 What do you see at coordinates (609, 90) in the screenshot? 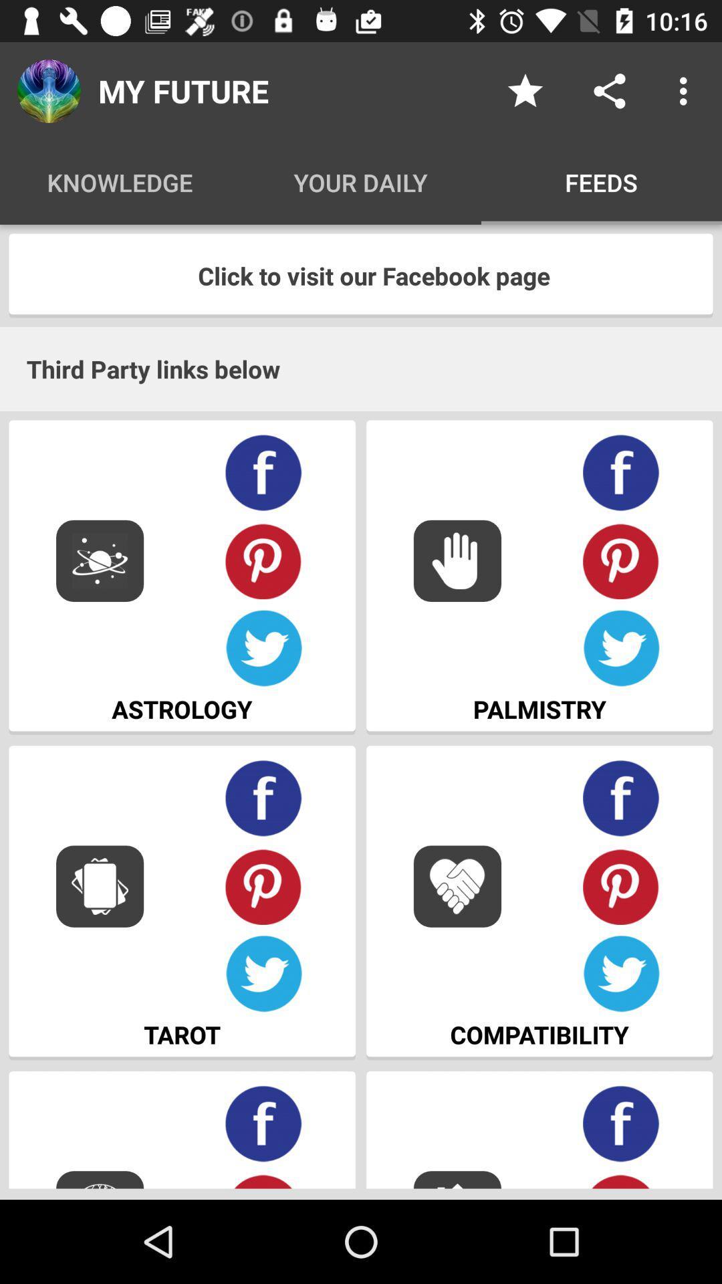
I see `the icon above the feeds` at bounding box center [609, 90].